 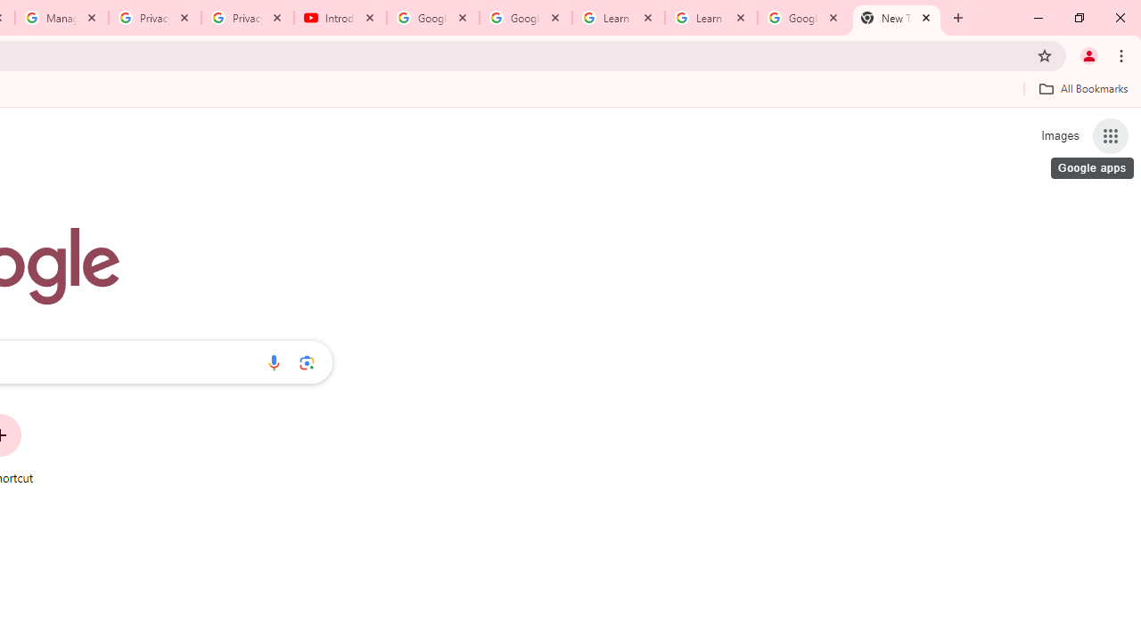 I want to click on 'Search by image', so click(x=307, y=361).